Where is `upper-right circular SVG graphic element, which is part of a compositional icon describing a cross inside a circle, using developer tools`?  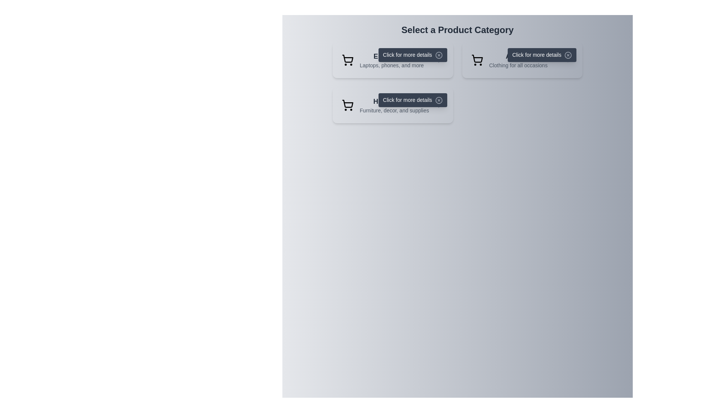 upper-right circular SVG graphic element, which is part of a compositional icon describing a cross inside a circle, using developer tools is located at coordinates (568, 55).